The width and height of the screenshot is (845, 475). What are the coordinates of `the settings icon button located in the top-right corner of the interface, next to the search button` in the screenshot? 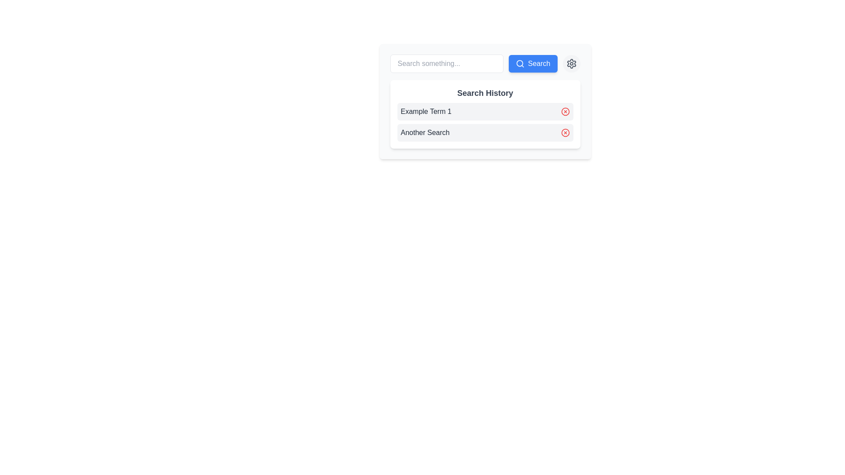 It's located at (571, 63).